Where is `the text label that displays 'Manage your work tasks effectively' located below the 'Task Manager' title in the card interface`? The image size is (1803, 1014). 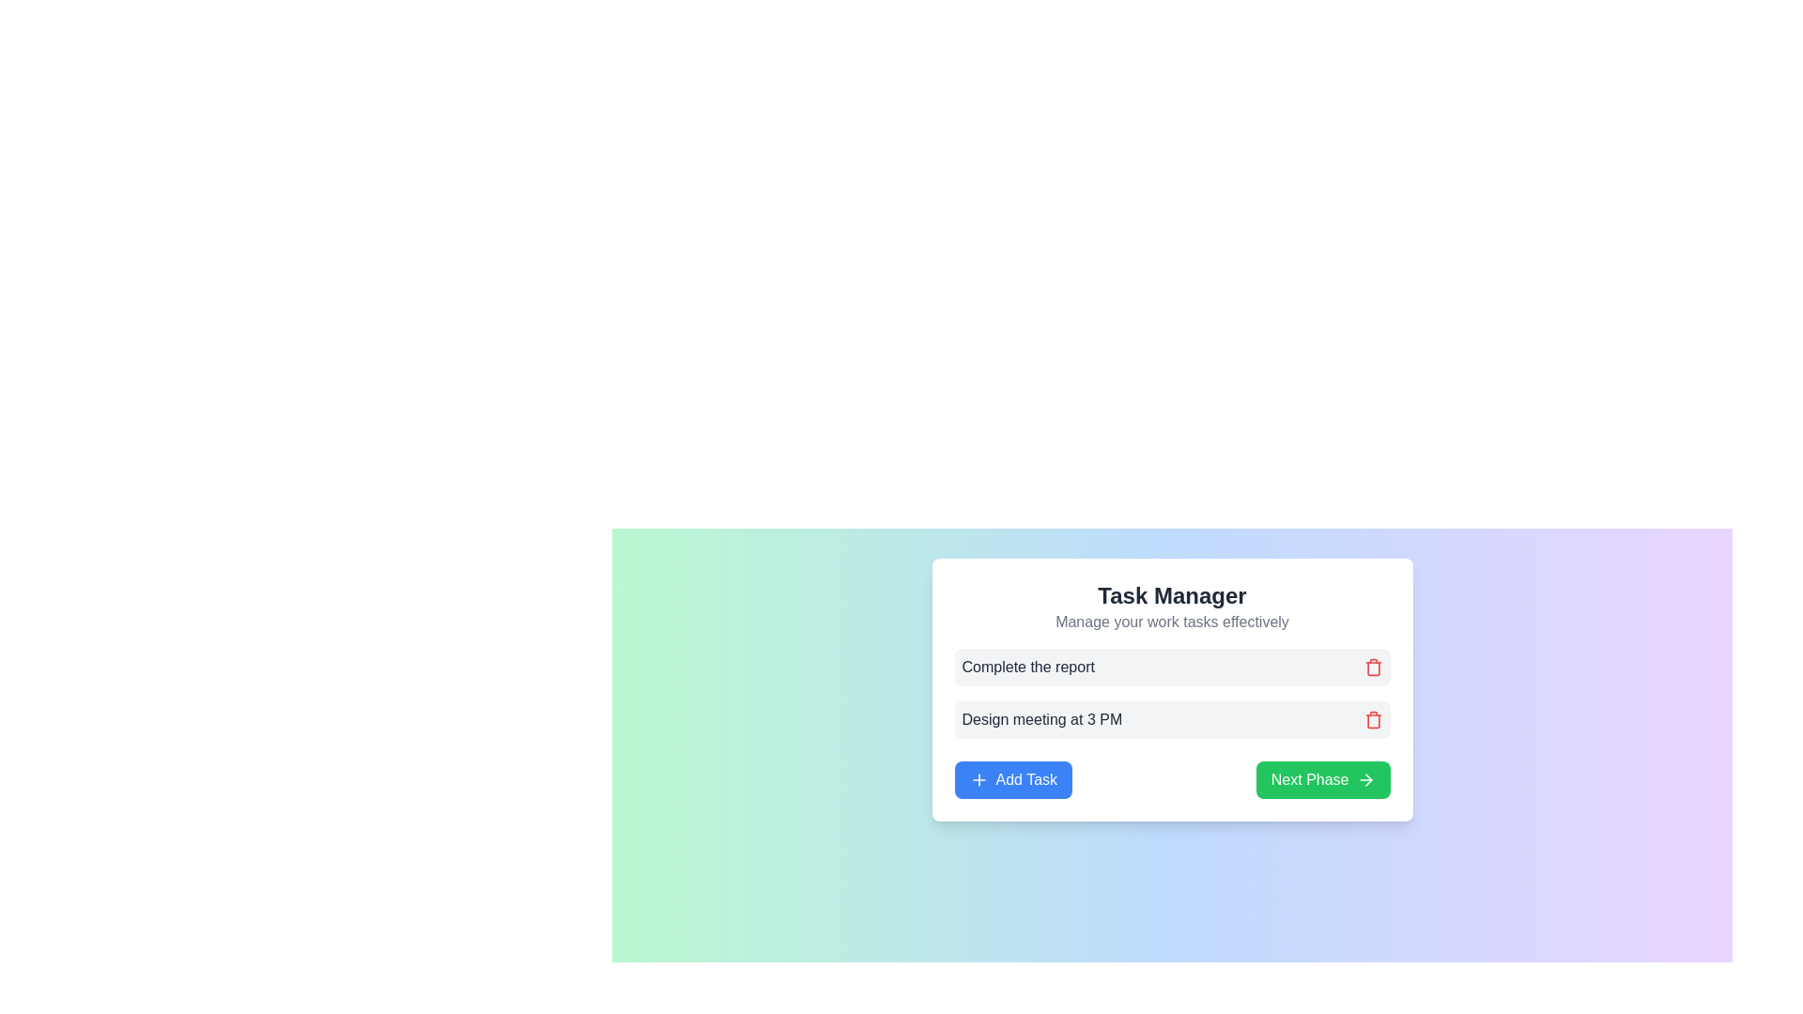
the text label that displays 'Manage your work tasks effectively' located below the 'Task Manager' title in the card interface is located at coordinates (1171, 622).